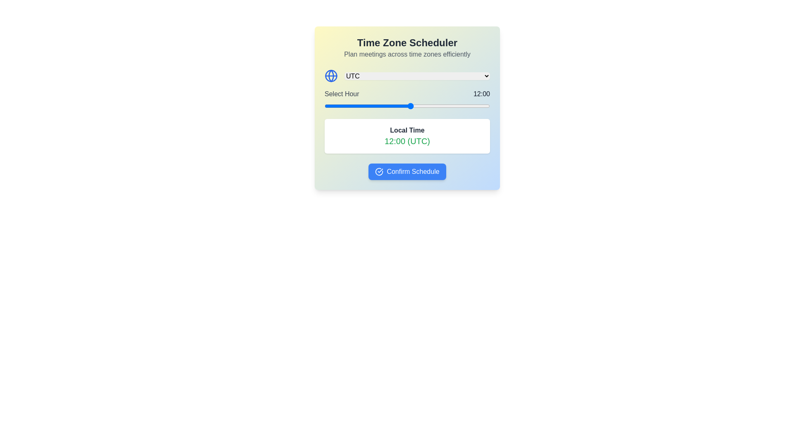 The height and width of the screenshot is (446, 794). What do you see at coordinates (407, 141) in the screenshot?
I see `text label displaying '12:00 (UTC)' which is styled in green and located below the 'Local Time' text within a centered white rounded box` at bounding box center [407, 141].